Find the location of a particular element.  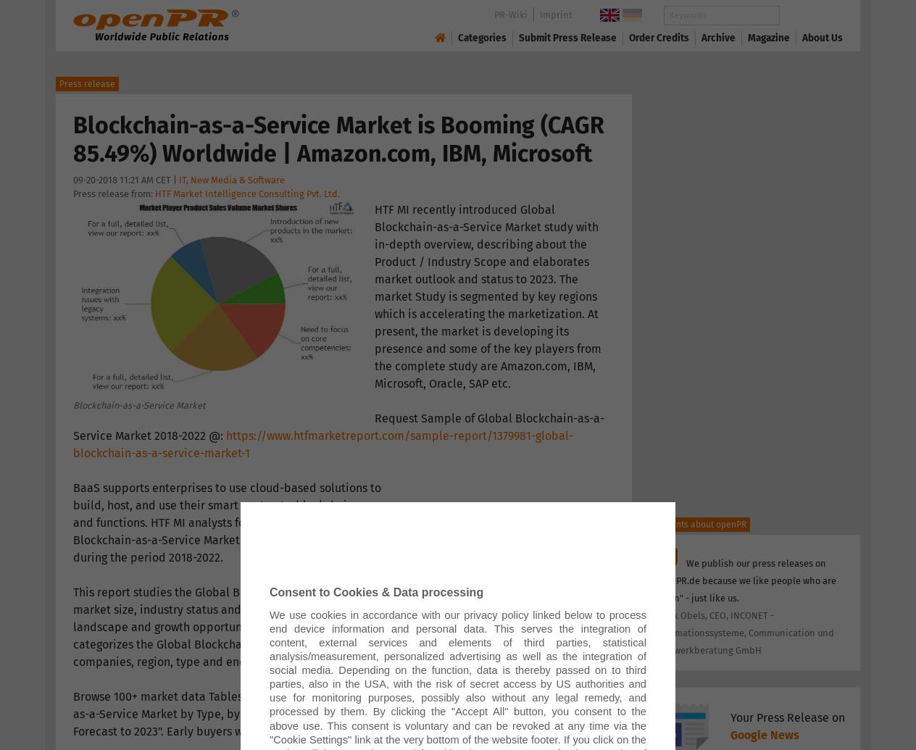

'About Us' is located at coordinates (822, 37).